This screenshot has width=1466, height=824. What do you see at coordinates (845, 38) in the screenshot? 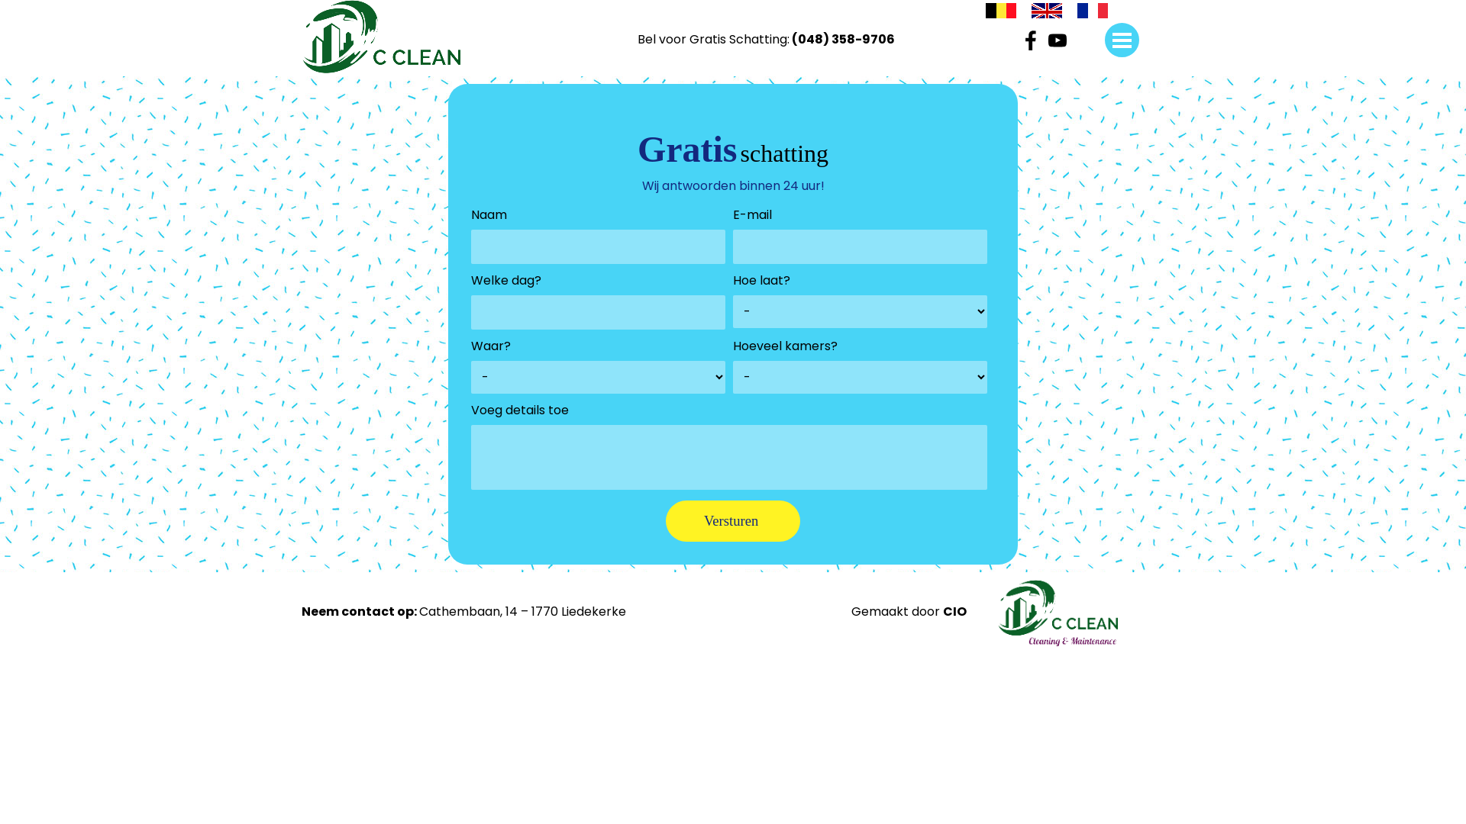
I see `'048) 358-9706'` at bounding box center [845, 38].